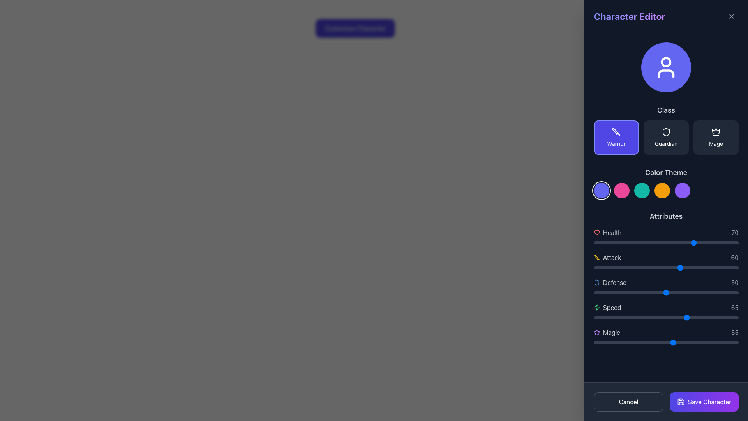 This screenshot has width=748, height=421. Describe the element at coordinates (616, 144) in the screenshot. I see `the 'Warrior' text label, which is styled in white and located within the first button of the 'Class' section in the 'Character Editor'` at that location.